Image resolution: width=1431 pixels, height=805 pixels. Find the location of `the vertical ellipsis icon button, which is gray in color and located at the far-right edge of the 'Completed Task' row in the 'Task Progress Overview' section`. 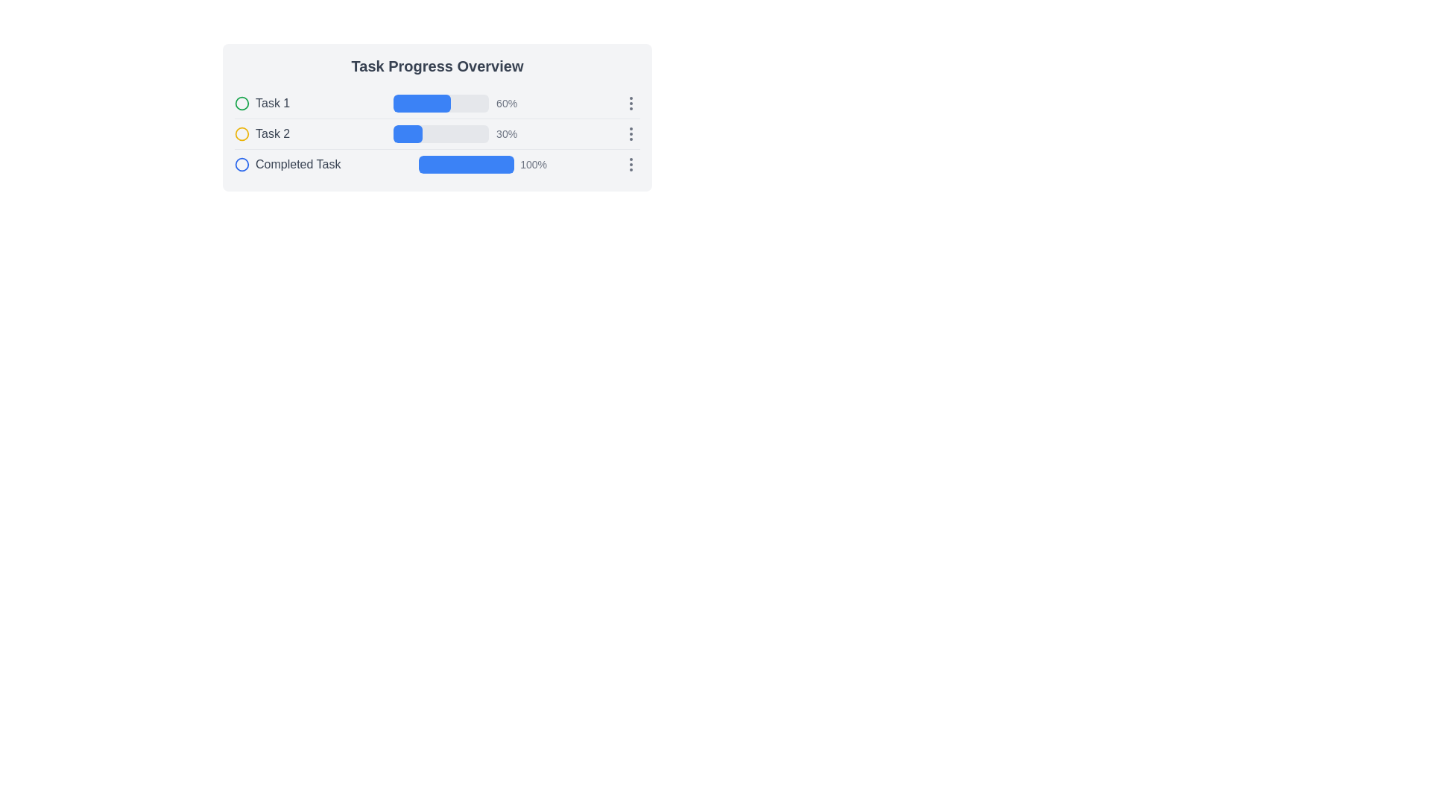

the vertical ellipsis icon button, which is gray in color and located at the far-right edge of the 'Completed Task' row in the 'Task Progress Overview' section is located at coordinates (631, 164).